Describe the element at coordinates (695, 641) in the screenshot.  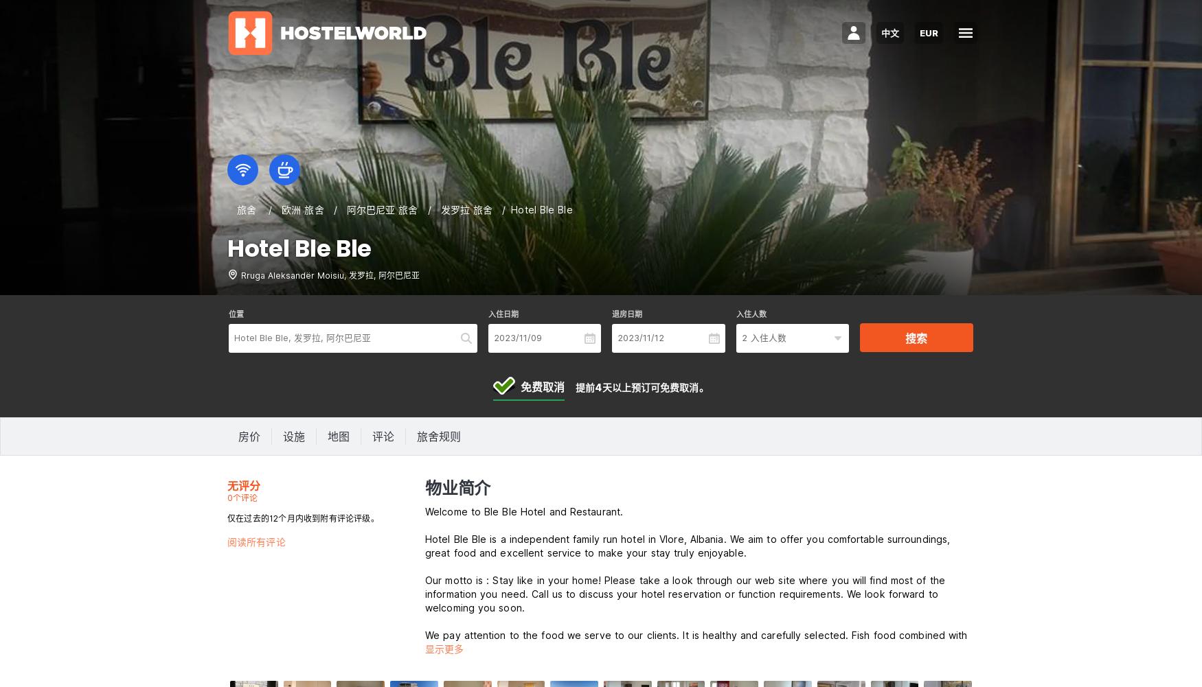
I see `'We pay attention to the food we serve to our clients. It is healthy and carefully selected. Fish food combined with traditional food is the perfect diet for your vacations.'` at that location.